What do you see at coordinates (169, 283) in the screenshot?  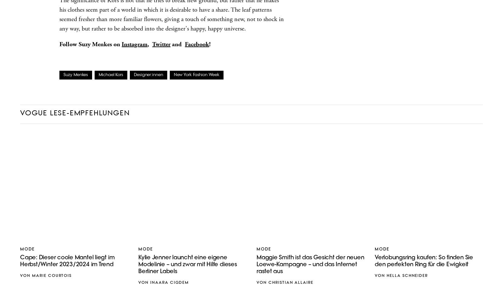 I see `'Inaara Cigdem'` at bounding box center [169, 283].